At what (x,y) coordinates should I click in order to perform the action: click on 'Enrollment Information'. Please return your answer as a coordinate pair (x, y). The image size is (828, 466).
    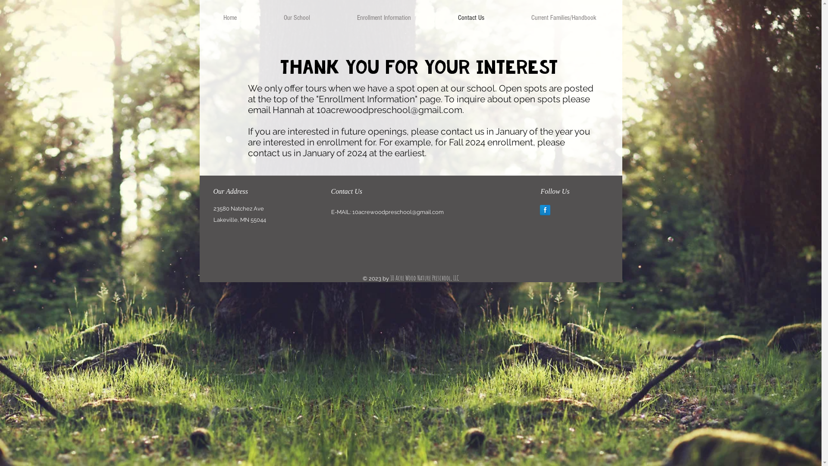
    Looking at the image, I should click on (383, 18).